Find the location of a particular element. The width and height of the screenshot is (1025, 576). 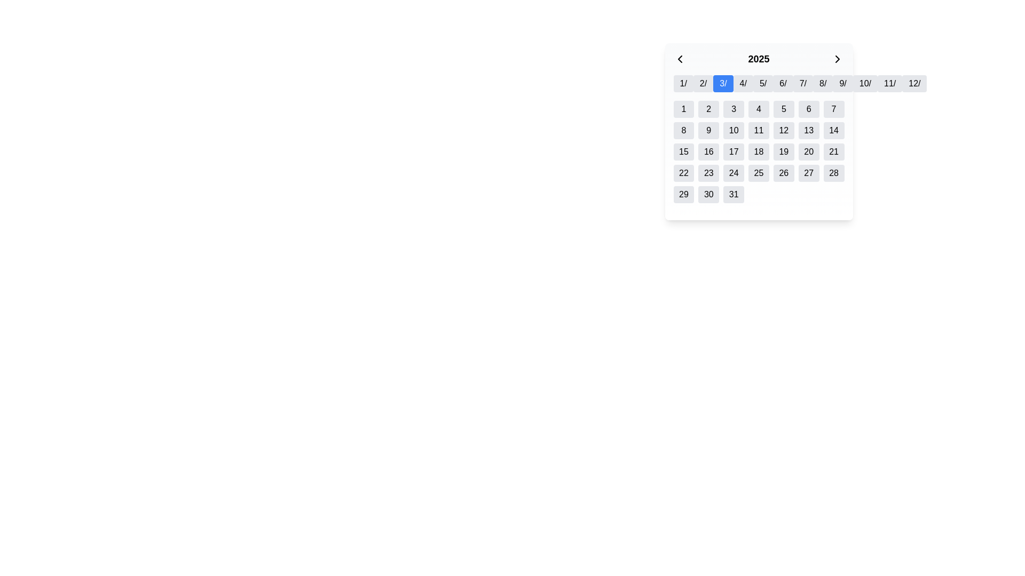

the second button labeled '2/' in the calendar interface for keyboard interaction is located at coordinates (703, 83).